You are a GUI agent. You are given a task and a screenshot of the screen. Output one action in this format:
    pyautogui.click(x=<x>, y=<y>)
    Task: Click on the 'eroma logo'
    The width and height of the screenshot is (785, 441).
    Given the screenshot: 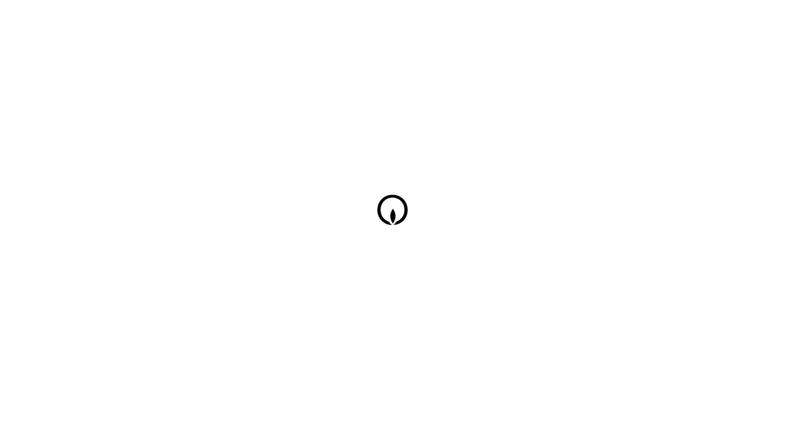 What is the action you would take?
    pyautogui.click(x=394, y=215)
    